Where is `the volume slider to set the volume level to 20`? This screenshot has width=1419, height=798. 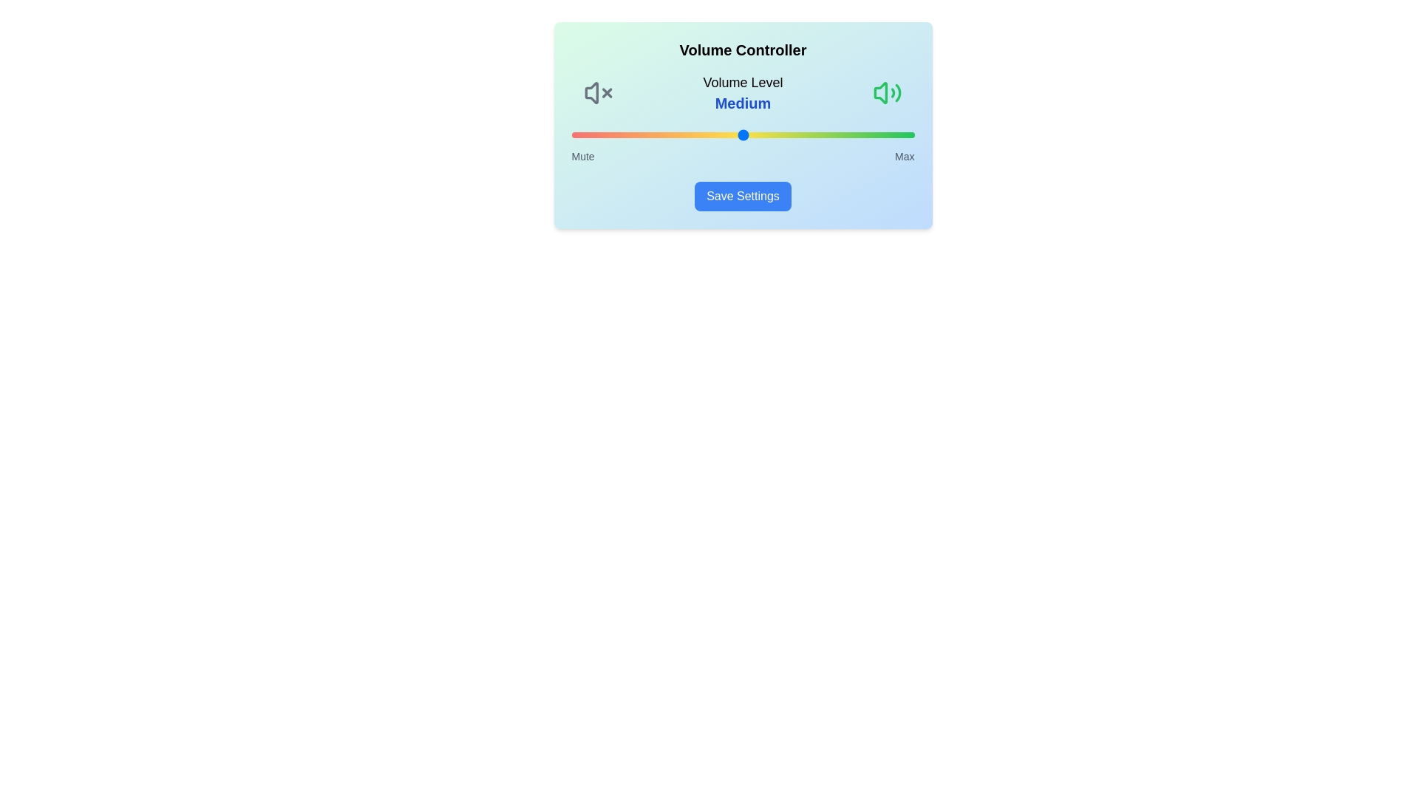 the volume slider to set the volume level to 20 is located at coordinates (640, 134).